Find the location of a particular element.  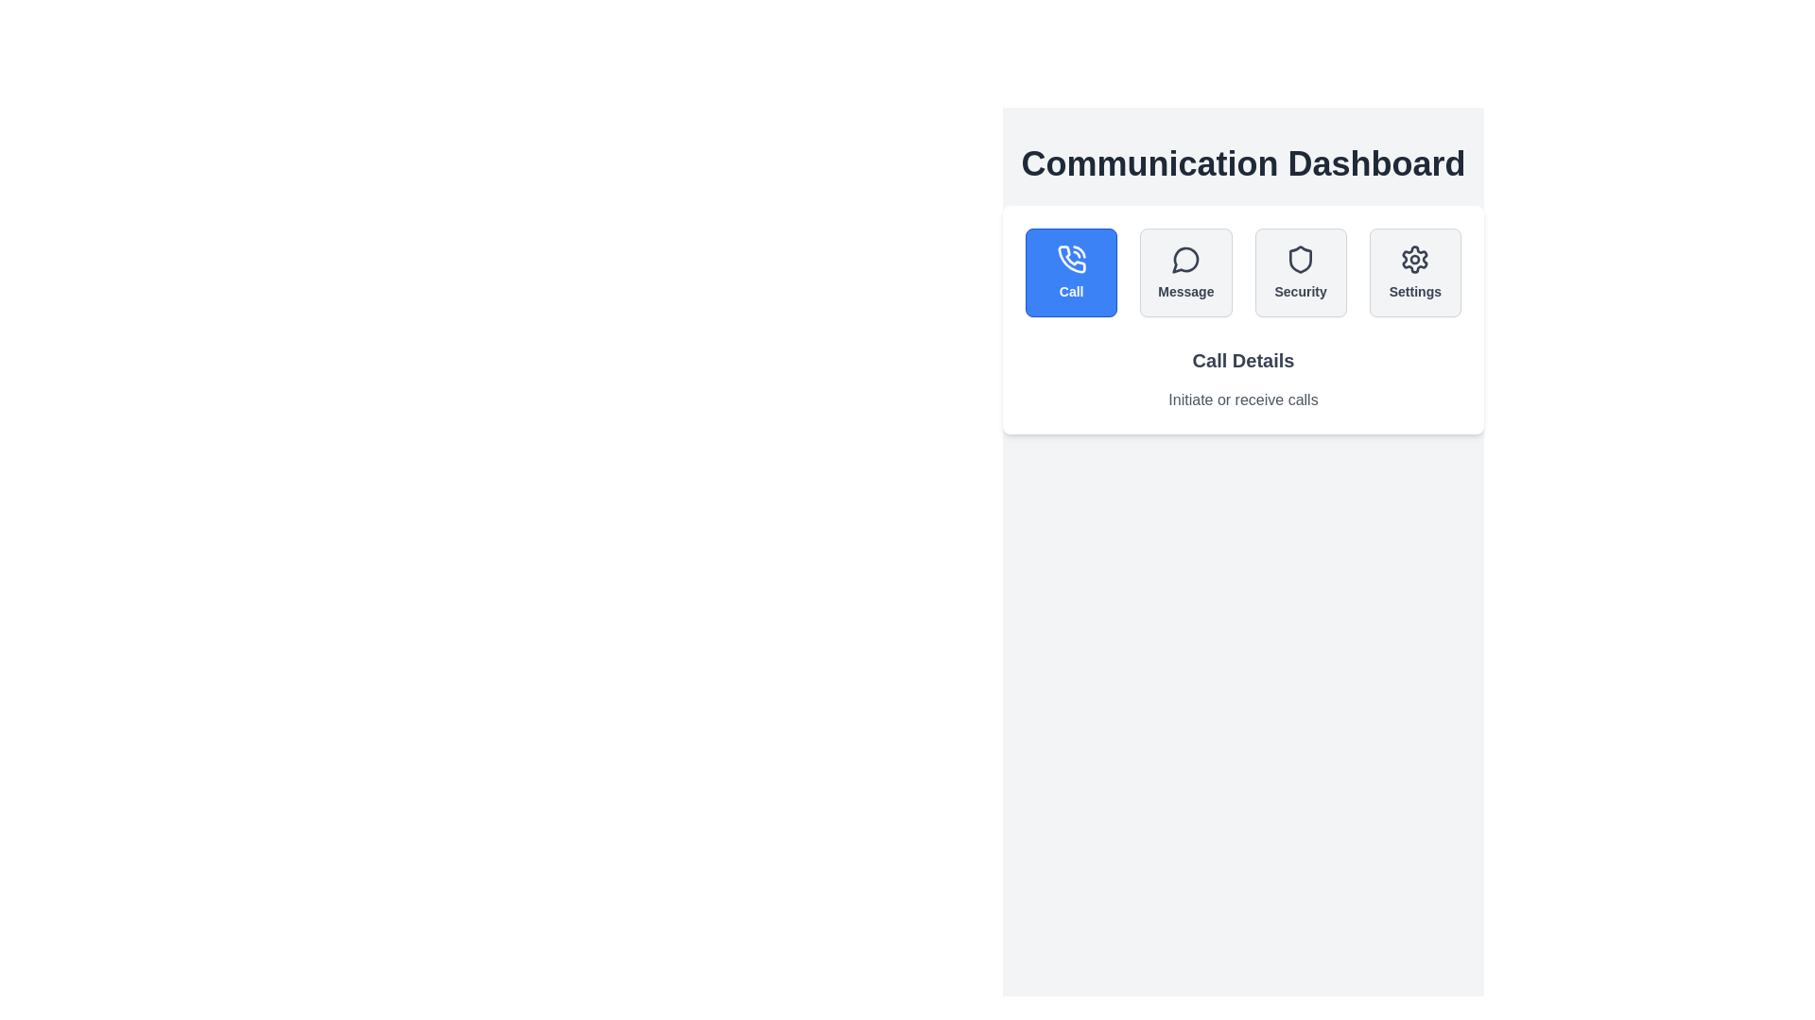

the decorative Icon graphic within the curved phone receiver icon in the 'Call' widget group, located below the 'Communication Dashboard' title is located at coordinates (1071, 259).